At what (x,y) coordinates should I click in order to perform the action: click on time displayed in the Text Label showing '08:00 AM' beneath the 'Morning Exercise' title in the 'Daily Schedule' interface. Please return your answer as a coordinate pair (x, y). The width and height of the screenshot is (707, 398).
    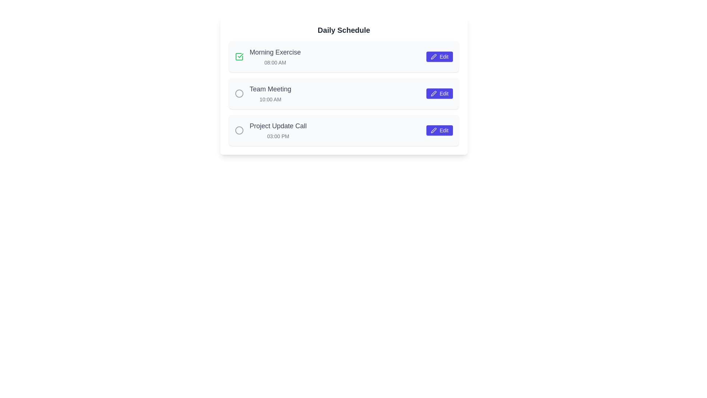
    Looking at the image, I should click on (275, 62).